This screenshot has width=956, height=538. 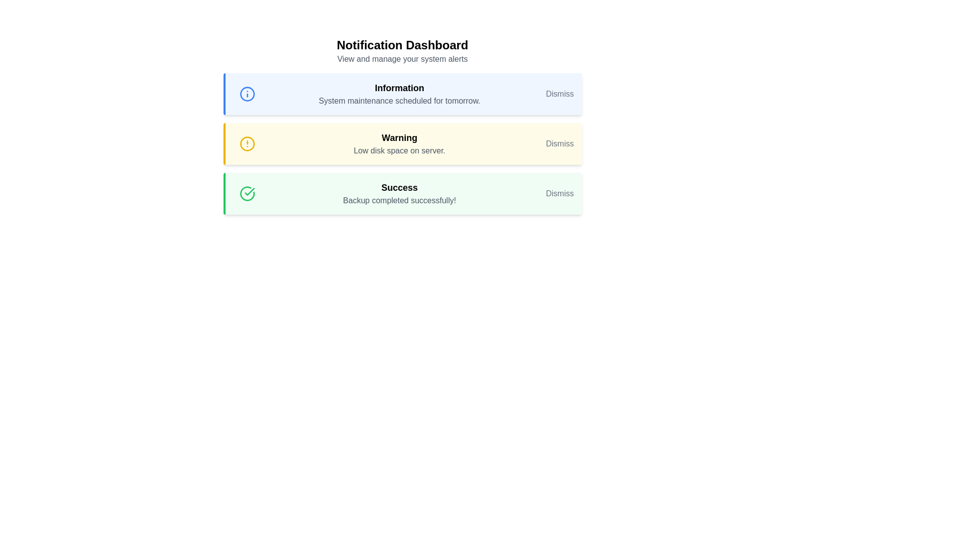 What do you see at coordinates (399, 151) in the screenshot?
I see `the text label reading 'Low disk space on server.' which is centrally aligned below the 'Warning' label in the yellow-highlighted notification bar` at bounding box center [399, 151].